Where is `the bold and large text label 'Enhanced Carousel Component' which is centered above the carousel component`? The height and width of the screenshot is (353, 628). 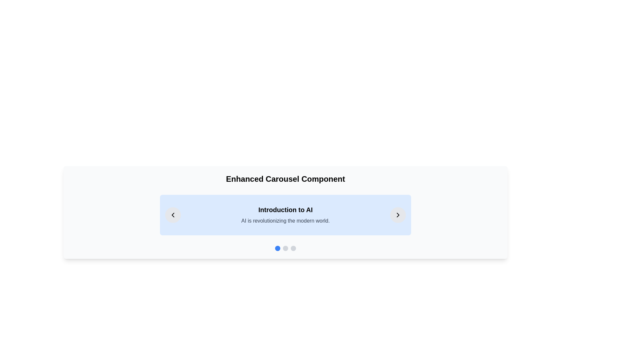
the bold and large text label 'Enhanced Carousel Component' which is centered above the carousel component is located at coordinates (286, 179).